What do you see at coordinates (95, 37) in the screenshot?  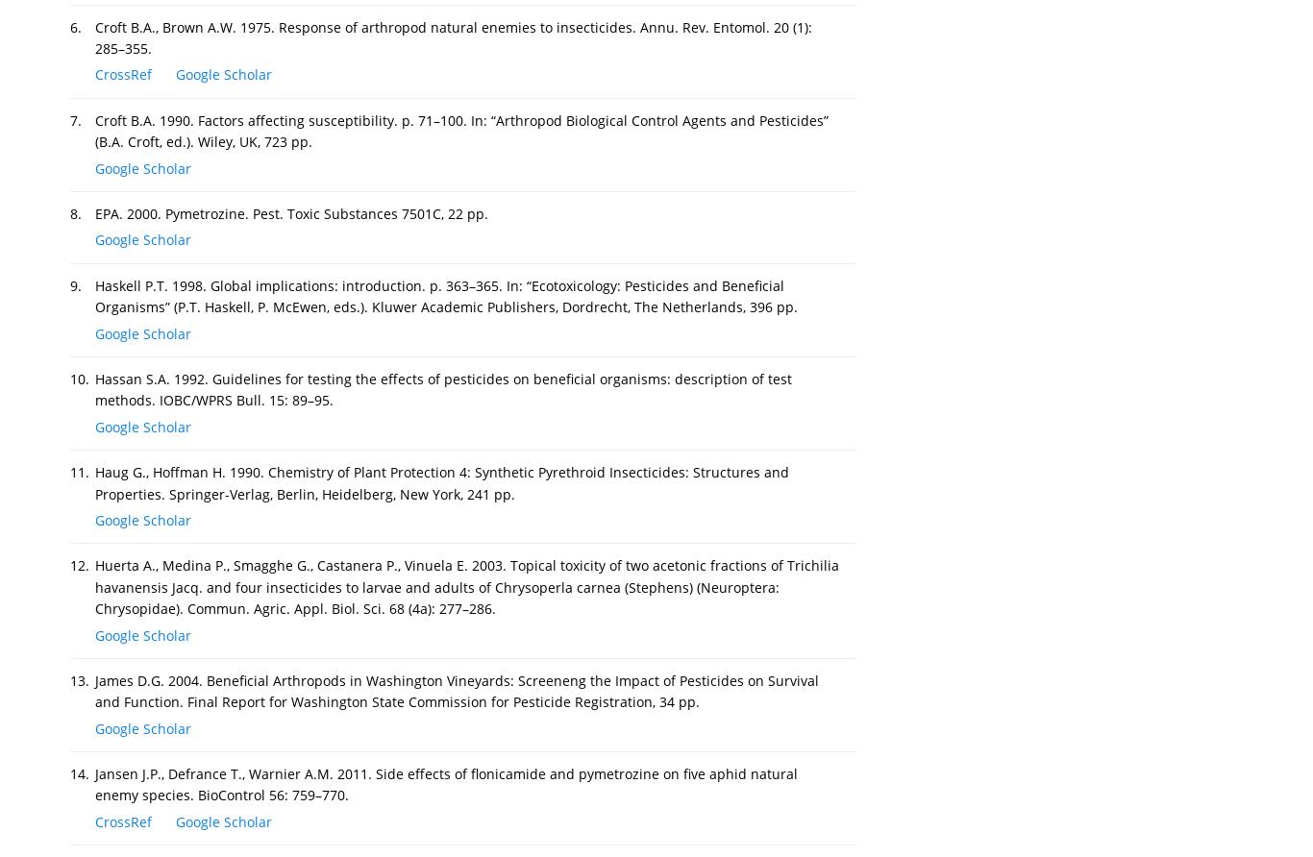 I see `'Croft B.A., Brown A.W. 1975. Response of arthropod natural enemies to insecticides. Annu. Rev. Entomol. 20 (1): 285–355.'` at bounding box center [95, 37].